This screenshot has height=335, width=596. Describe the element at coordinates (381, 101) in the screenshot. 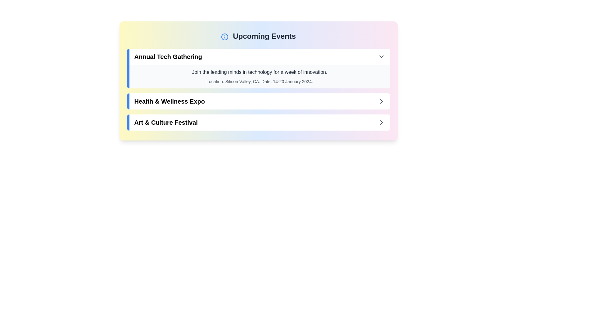

I see `the chevron icon indicating further navigation for the 'Health & Wellness Expo' section` at that location.